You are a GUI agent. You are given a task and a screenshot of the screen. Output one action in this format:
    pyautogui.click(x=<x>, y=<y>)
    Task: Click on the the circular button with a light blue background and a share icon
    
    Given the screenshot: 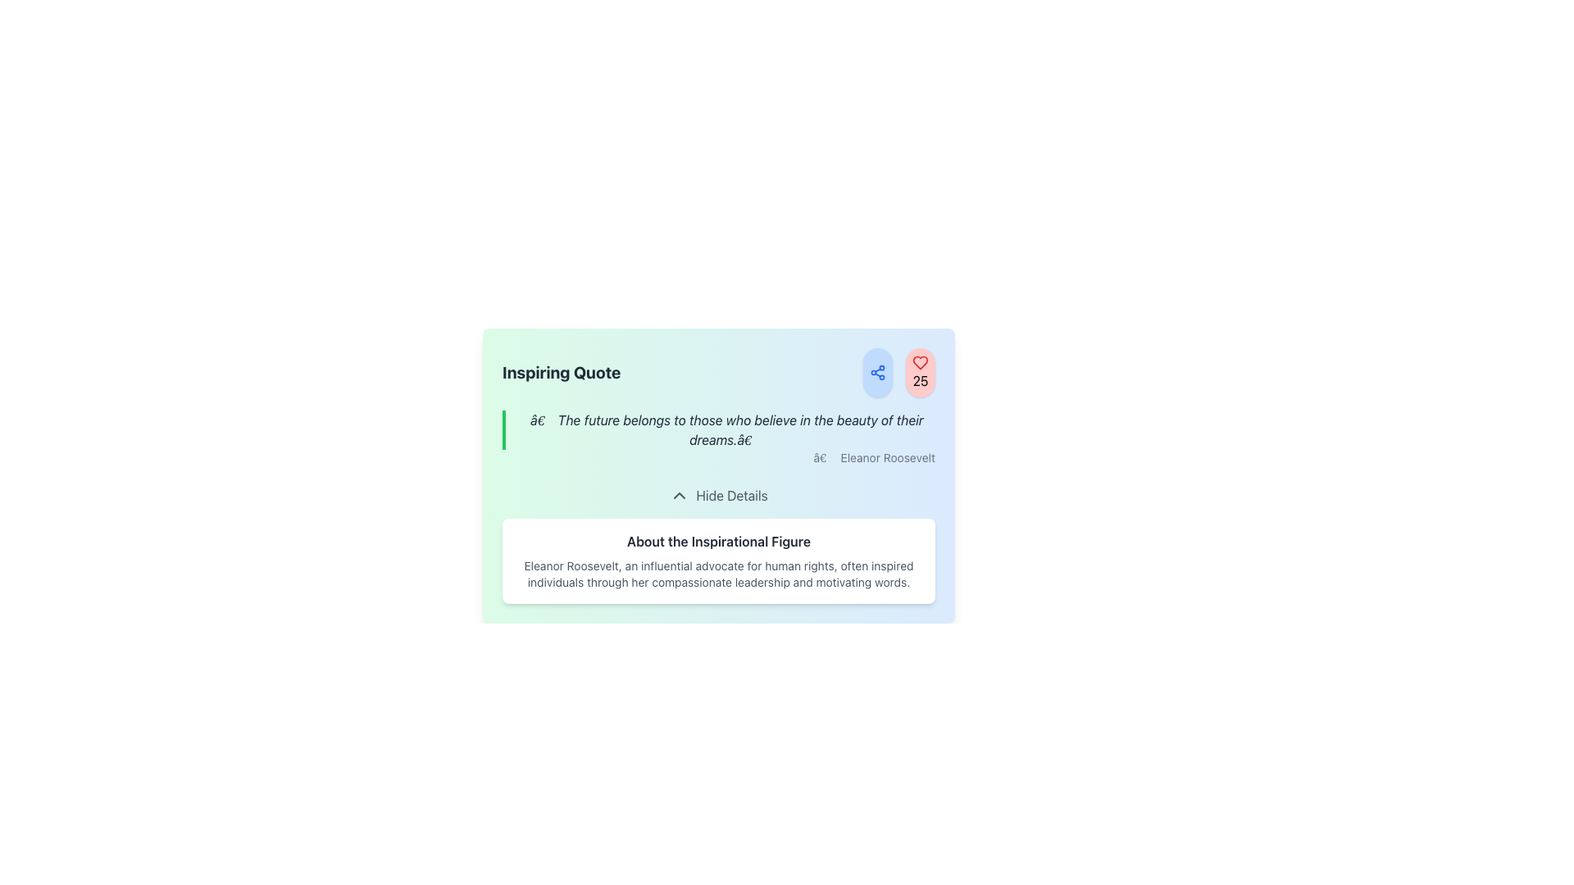 What is the action you would take?
    pyautogui.click(x=876, y=373)
    